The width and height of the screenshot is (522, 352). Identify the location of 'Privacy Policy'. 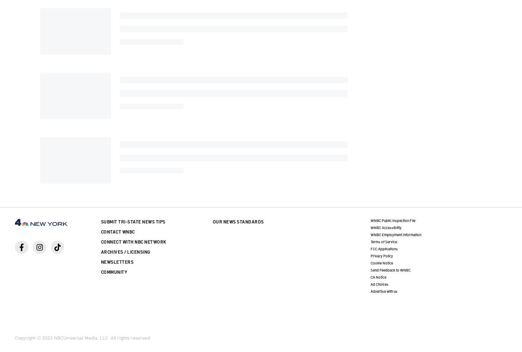
(381, 255).